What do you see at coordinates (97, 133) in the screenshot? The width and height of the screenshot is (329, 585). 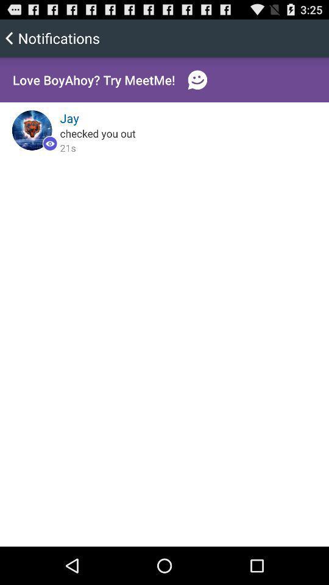 I see `app above 21s item` at bounding box center [97, 133].